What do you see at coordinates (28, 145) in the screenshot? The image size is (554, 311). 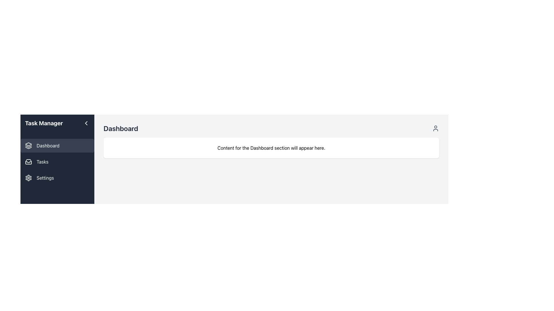 I see `the small, square-shaped icon outlined in white against a dark, navy blue background, located to the left of the 'Dashboard' text label in the left sidebar navigation menu` at bounding box center [28, 145].